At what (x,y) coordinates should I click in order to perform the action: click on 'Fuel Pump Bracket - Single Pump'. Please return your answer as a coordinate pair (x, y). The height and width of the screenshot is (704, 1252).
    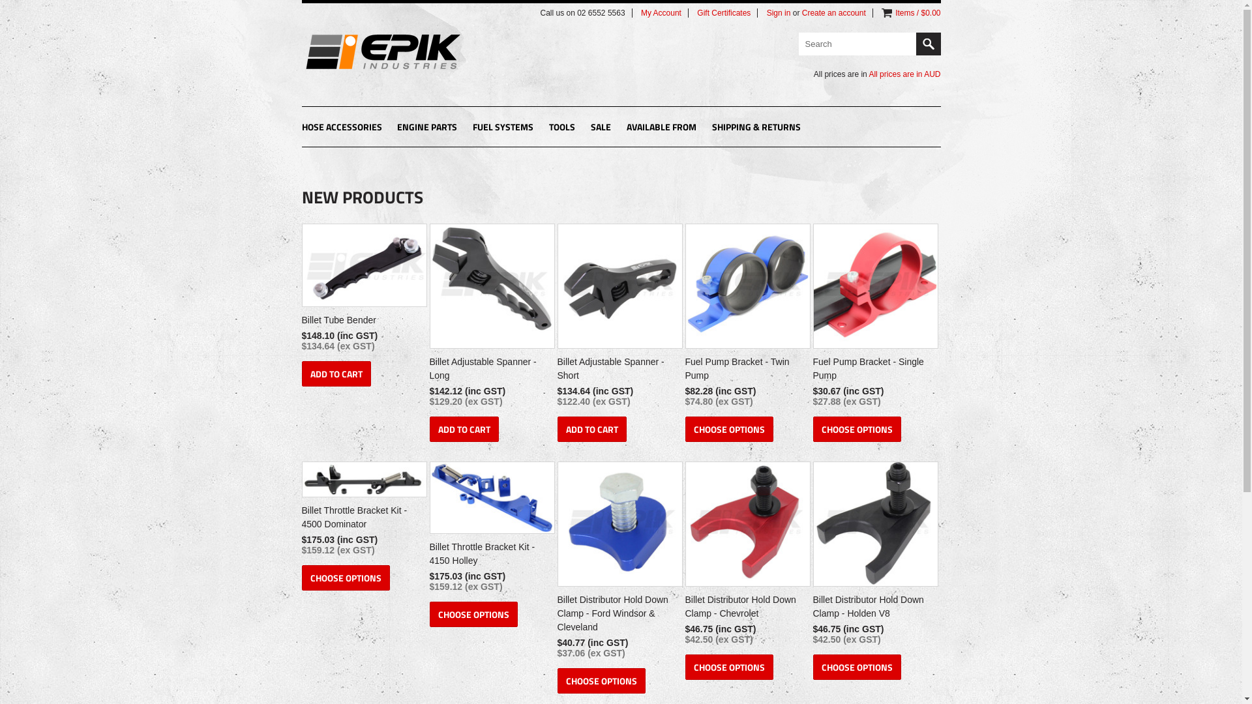
    Looking at the image, I should click on (812, 370).